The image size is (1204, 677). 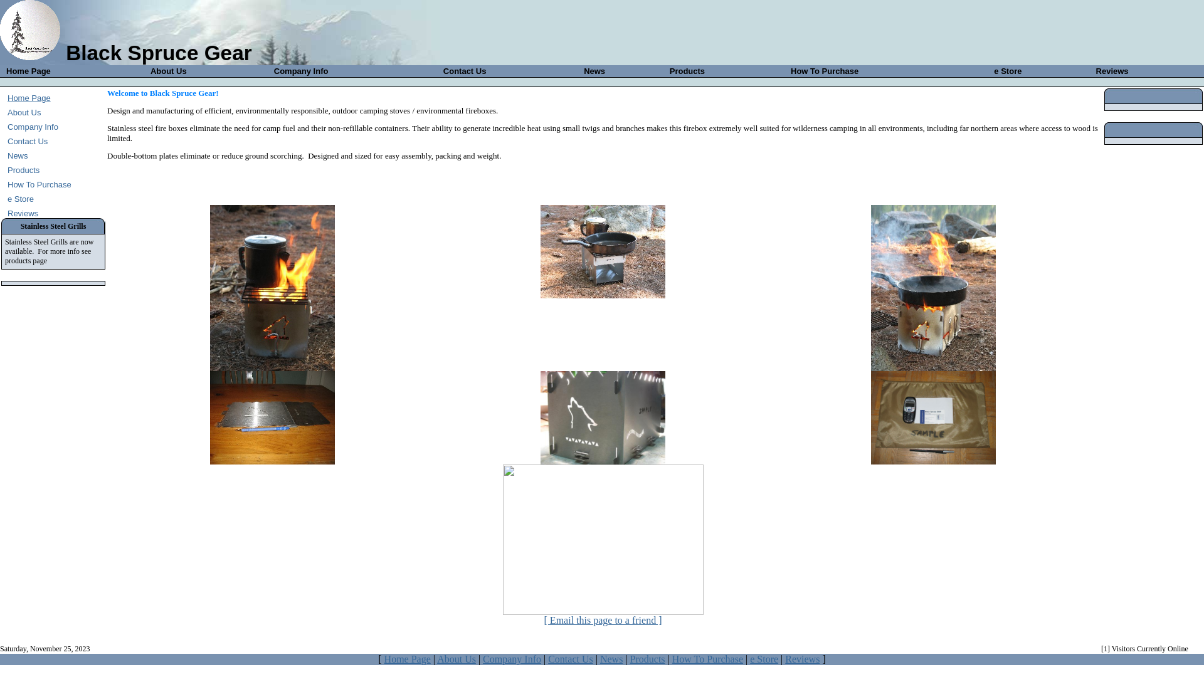 What do you see at coordinates (825, 71) in the screenshot?
I see `'How To Purchase'` at bounding box center [825, 71].